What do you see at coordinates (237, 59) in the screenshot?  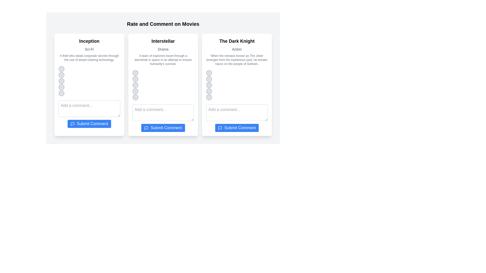 I see `the synopsis and genre of the movie The Dark Knight` at bounding box center [237, 59].